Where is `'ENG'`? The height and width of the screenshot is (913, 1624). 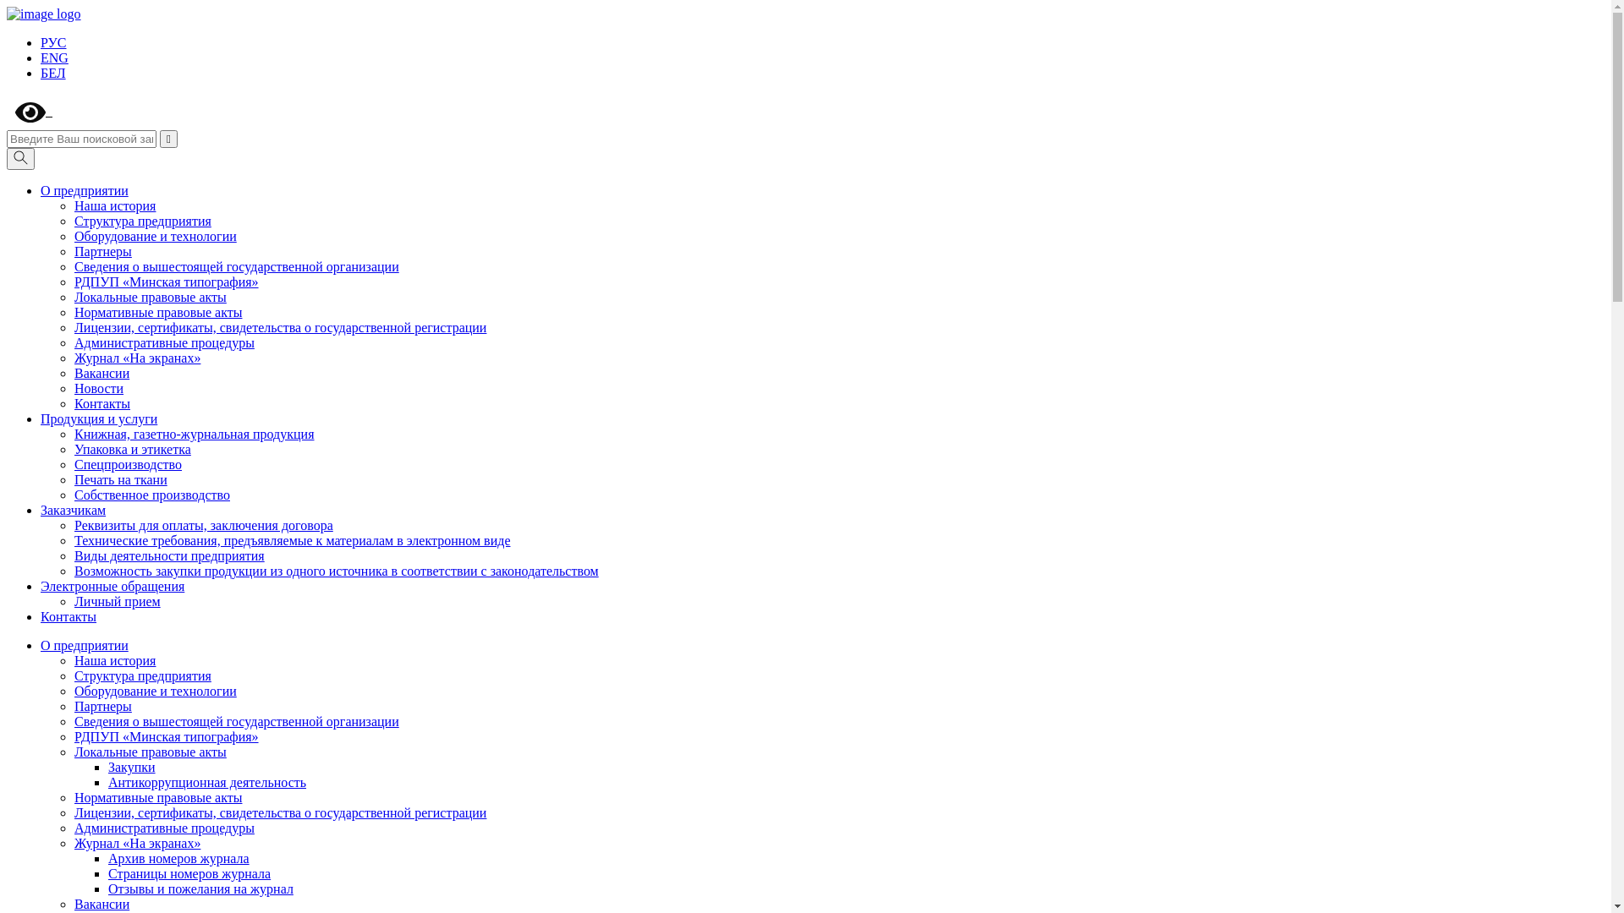 'ENG' is located at coordinates (54, 57).